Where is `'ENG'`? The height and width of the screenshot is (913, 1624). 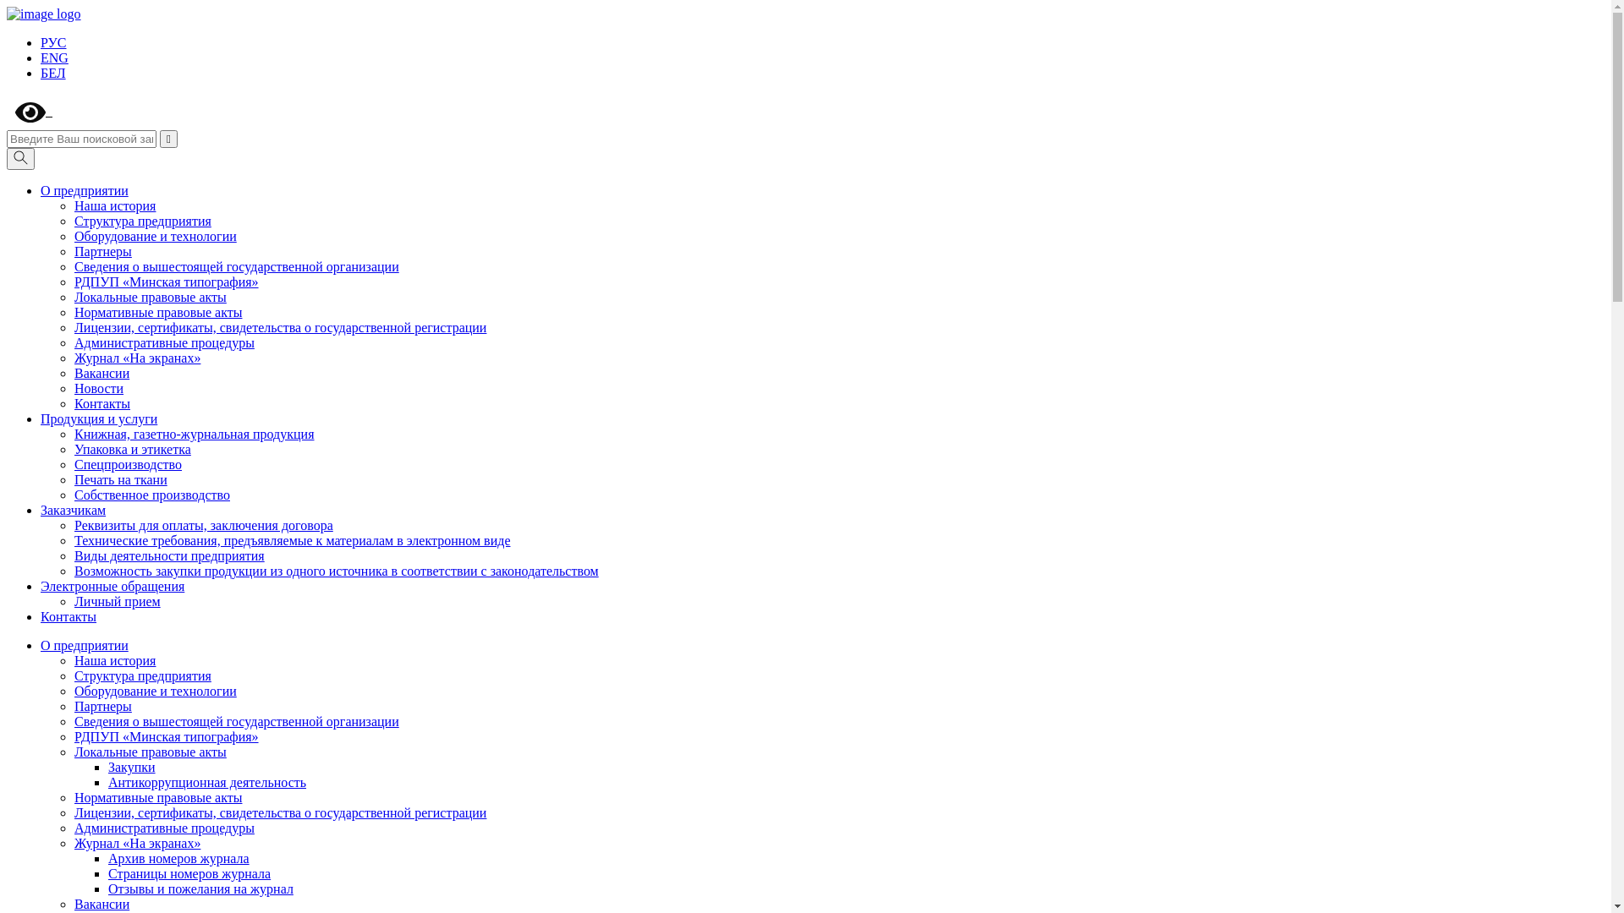 'ENG' is located at coordinates (54, 57).